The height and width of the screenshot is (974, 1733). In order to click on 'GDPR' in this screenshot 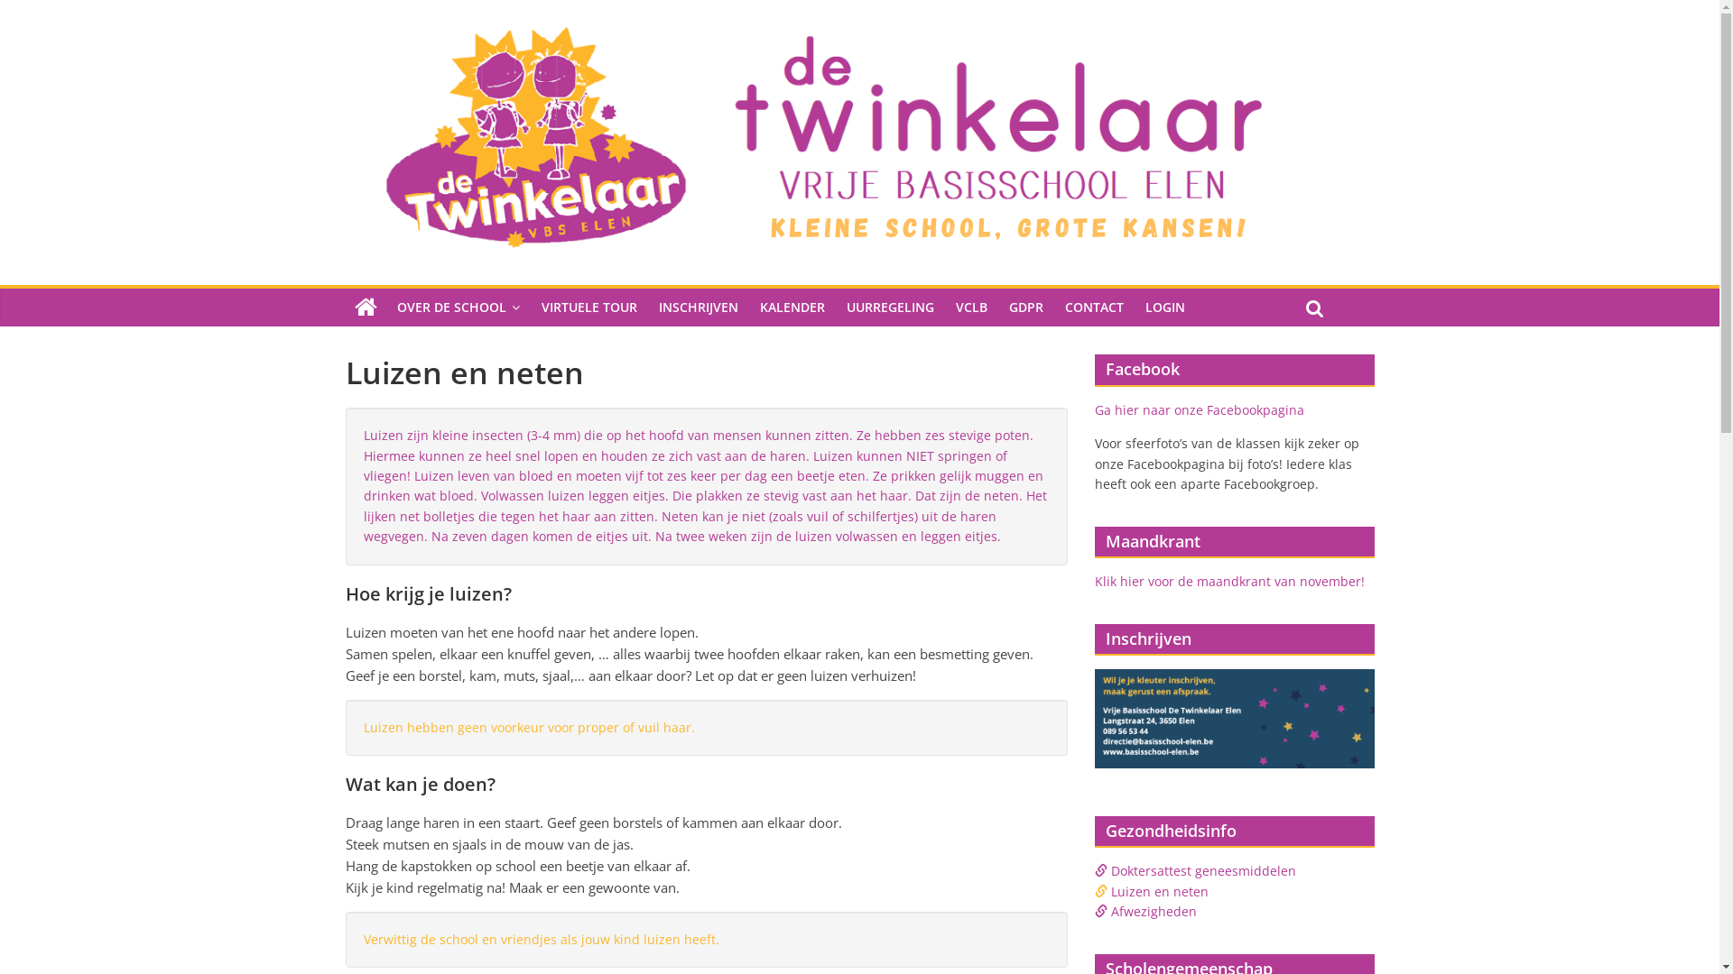, I will do `click(1026, 306)`.